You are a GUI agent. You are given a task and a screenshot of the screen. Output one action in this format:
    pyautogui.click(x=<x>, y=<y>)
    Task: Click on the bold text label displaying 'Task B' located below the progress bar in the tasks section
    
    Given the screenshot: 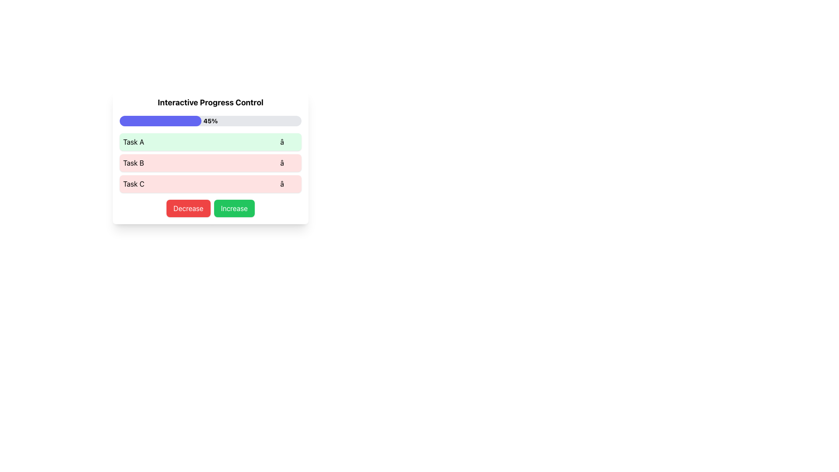 What is the action you would take?
    pyautogui.click(x=133, y=163)
    